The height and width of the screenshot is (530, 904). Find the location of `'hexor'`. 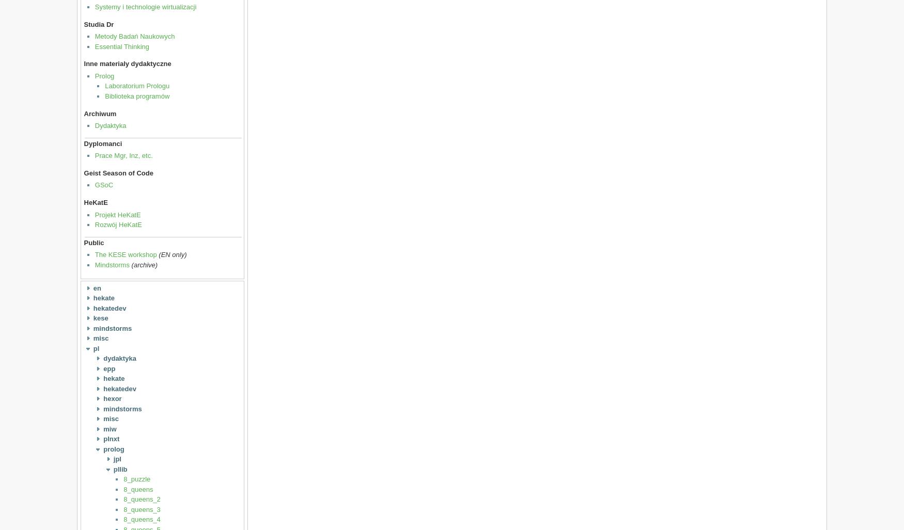

'hexor' is located at coordinates (103, 398).